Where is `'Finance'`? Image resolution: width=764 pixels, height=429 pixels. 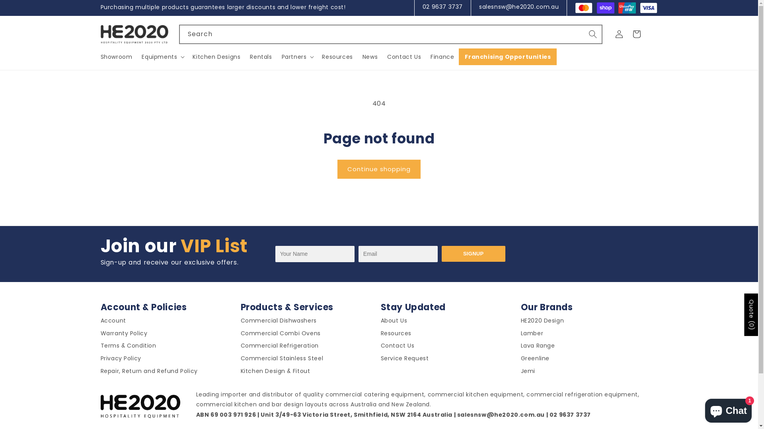 'Finance' is located at coordinates (442, 56).